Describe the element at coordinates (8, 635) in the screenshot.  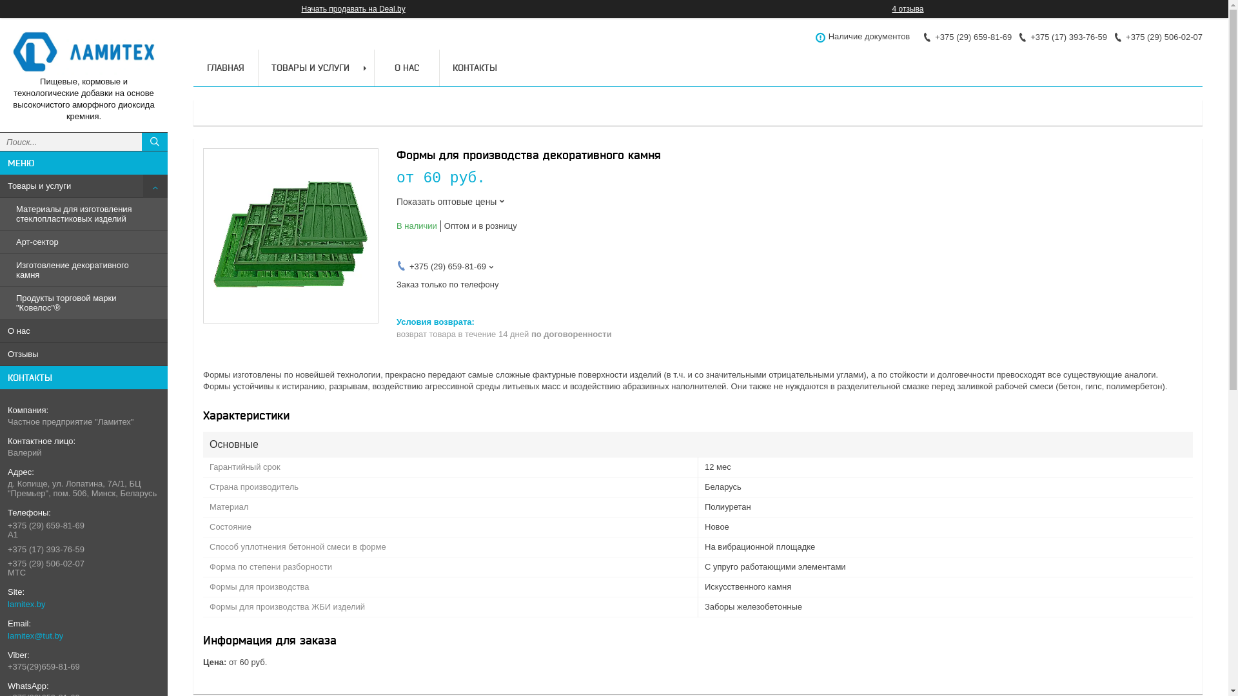
I see `'lamitex@tut.by'` at that location.